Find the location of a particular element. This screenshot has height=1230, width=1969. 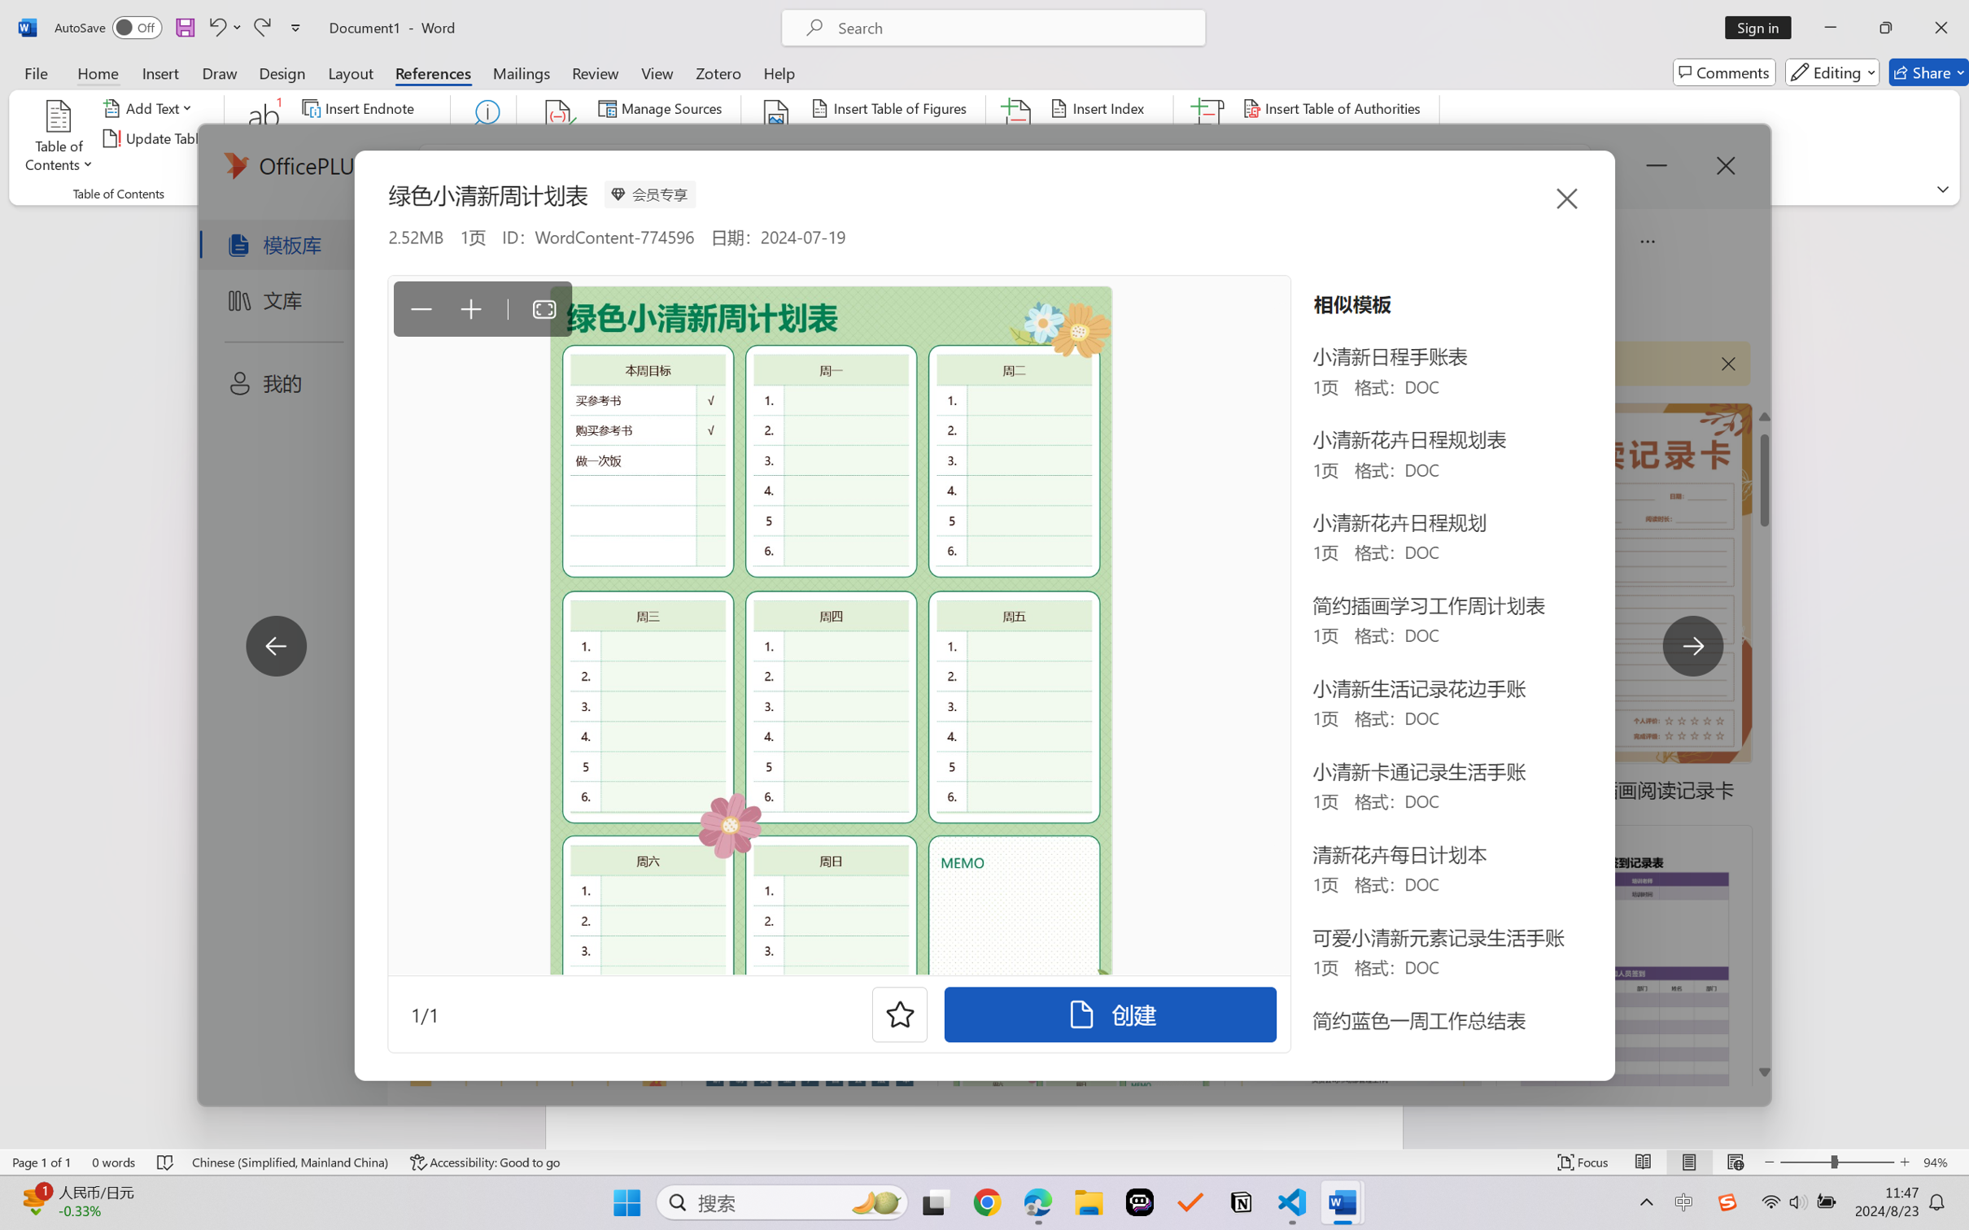

'Sign in' is located at coordinates (1764, 27).